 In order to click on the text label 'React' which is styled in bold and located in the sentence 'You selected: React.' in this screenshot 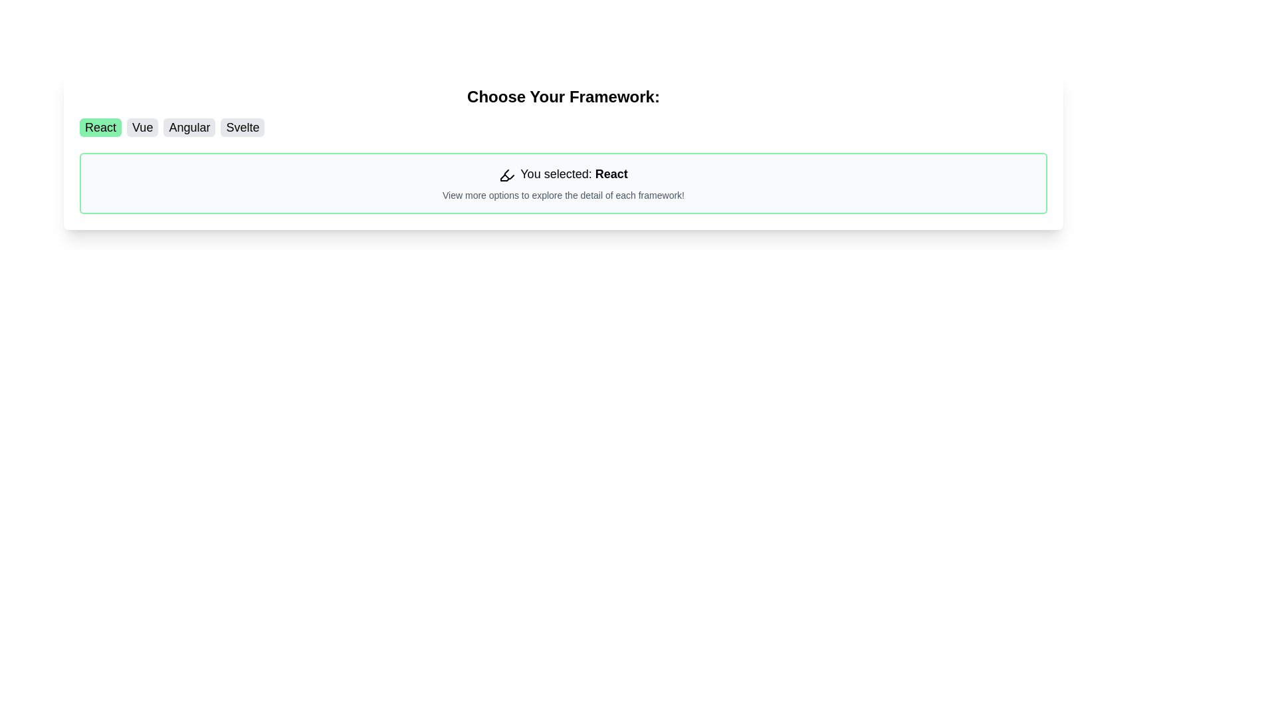, I will do `click(611, 174)`.